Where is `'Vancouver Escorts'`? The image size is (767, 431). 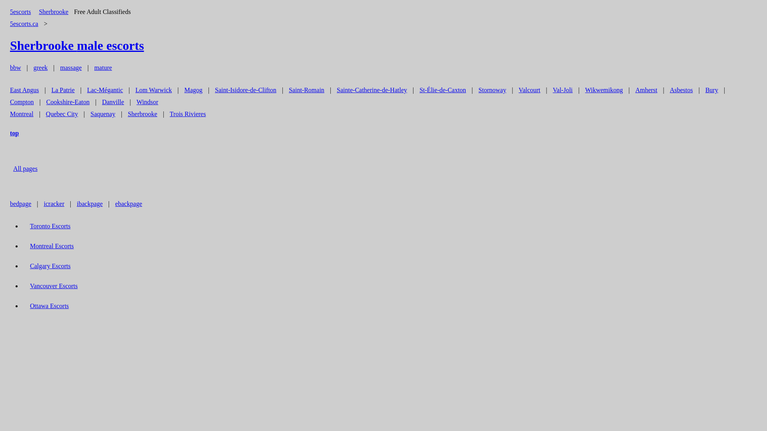
'Vancouver Escorts' is located at coordinates (53, 285).